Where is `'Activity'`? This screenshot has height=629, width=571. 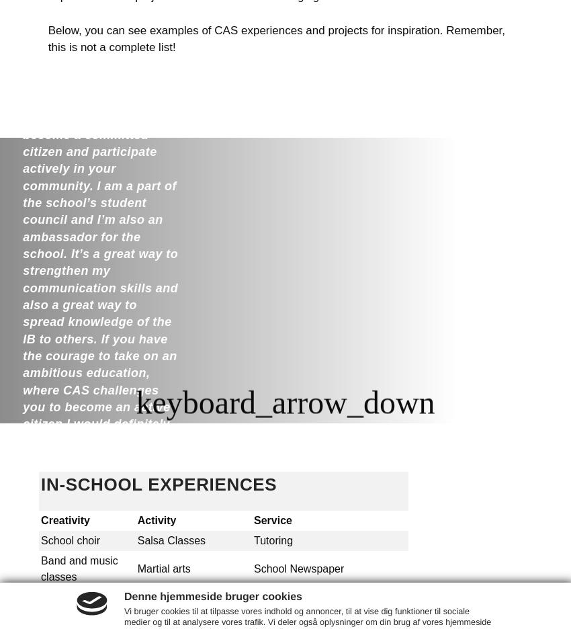
'Activity' is located at coordinates (158, 520).